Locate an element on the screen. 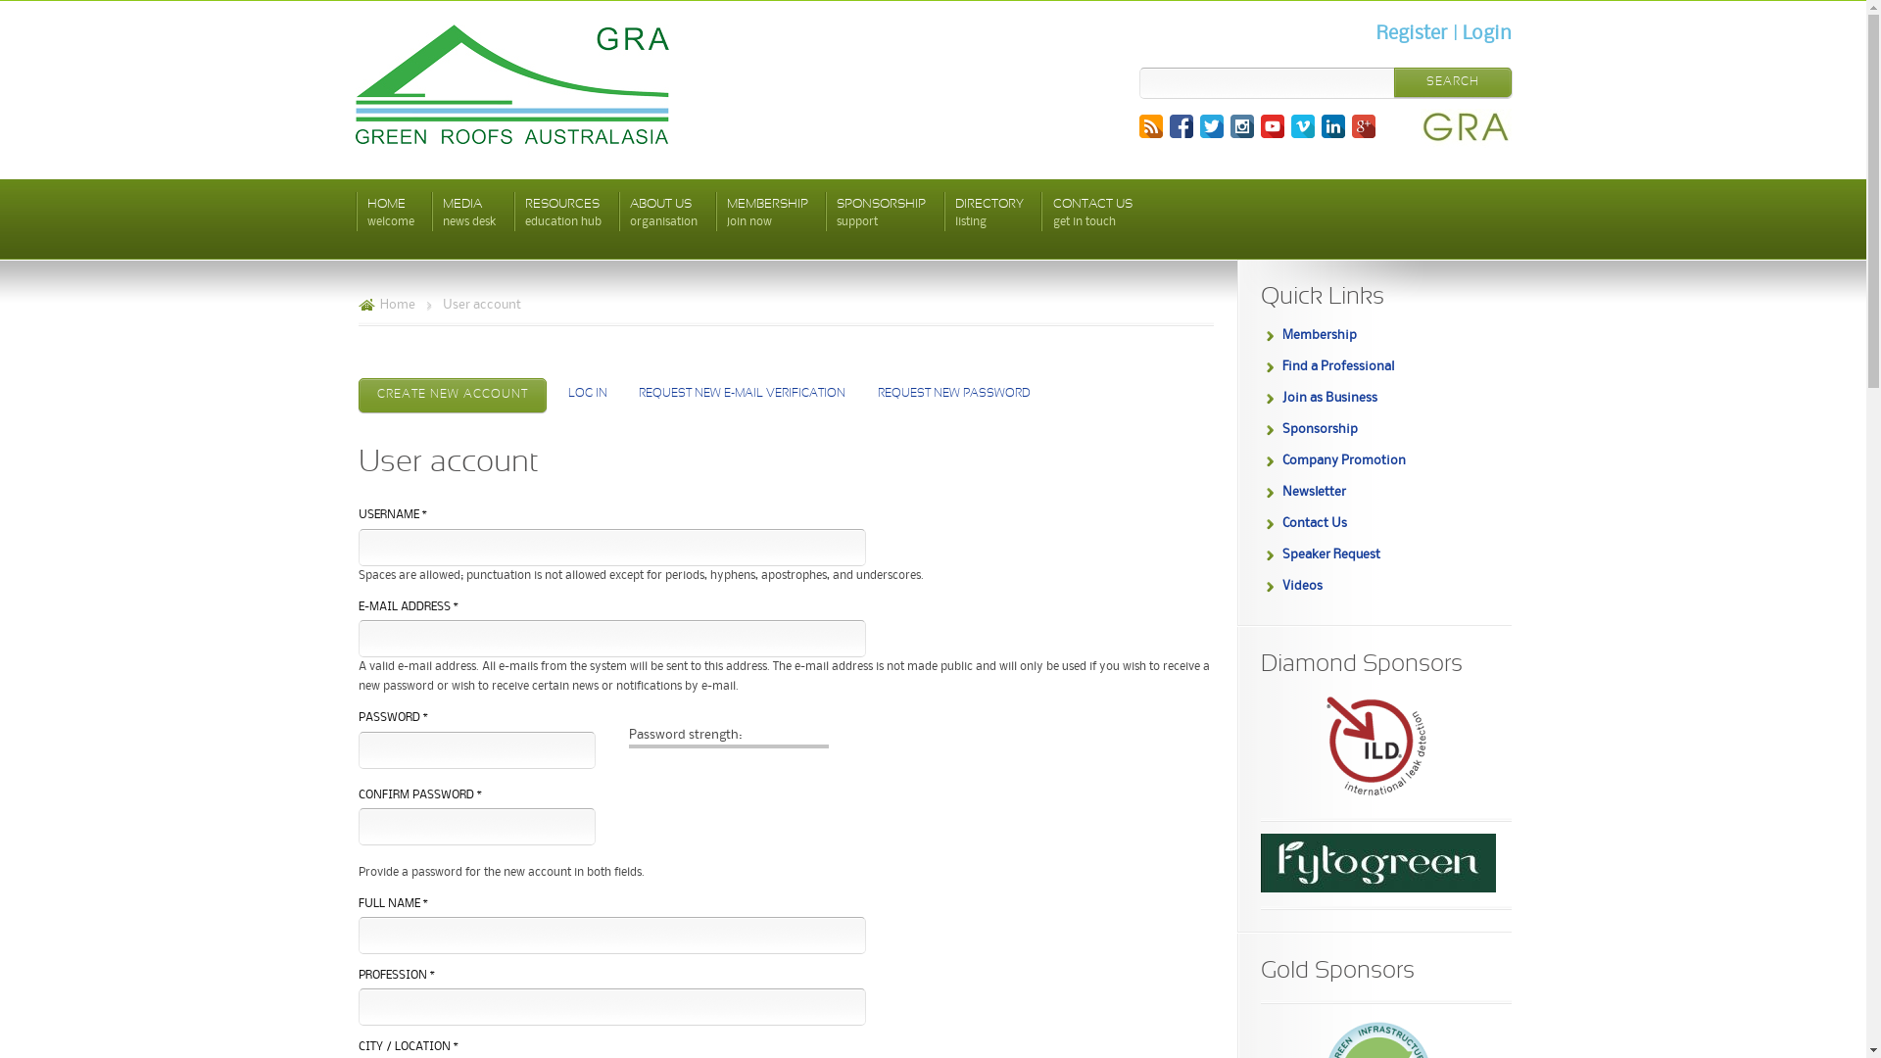 This screenshot has height=1058, width=1881. 'CONTACT US is located at coordinates (1090, 216).